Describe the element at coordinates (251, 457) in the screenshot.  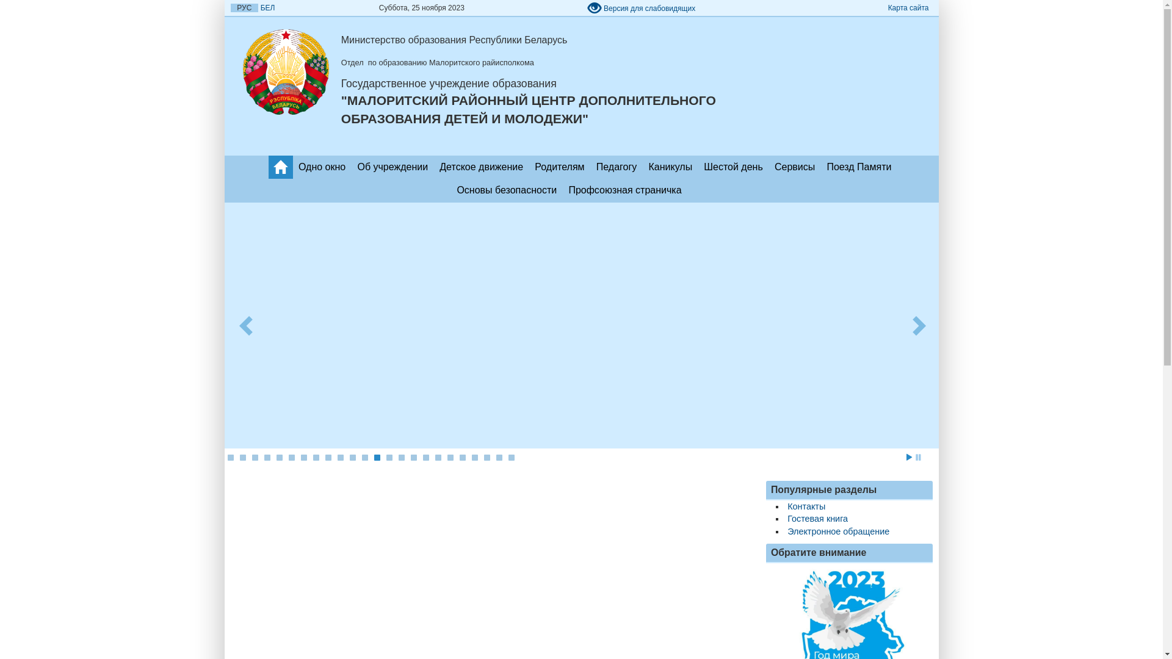
I see `'3'` at that location.